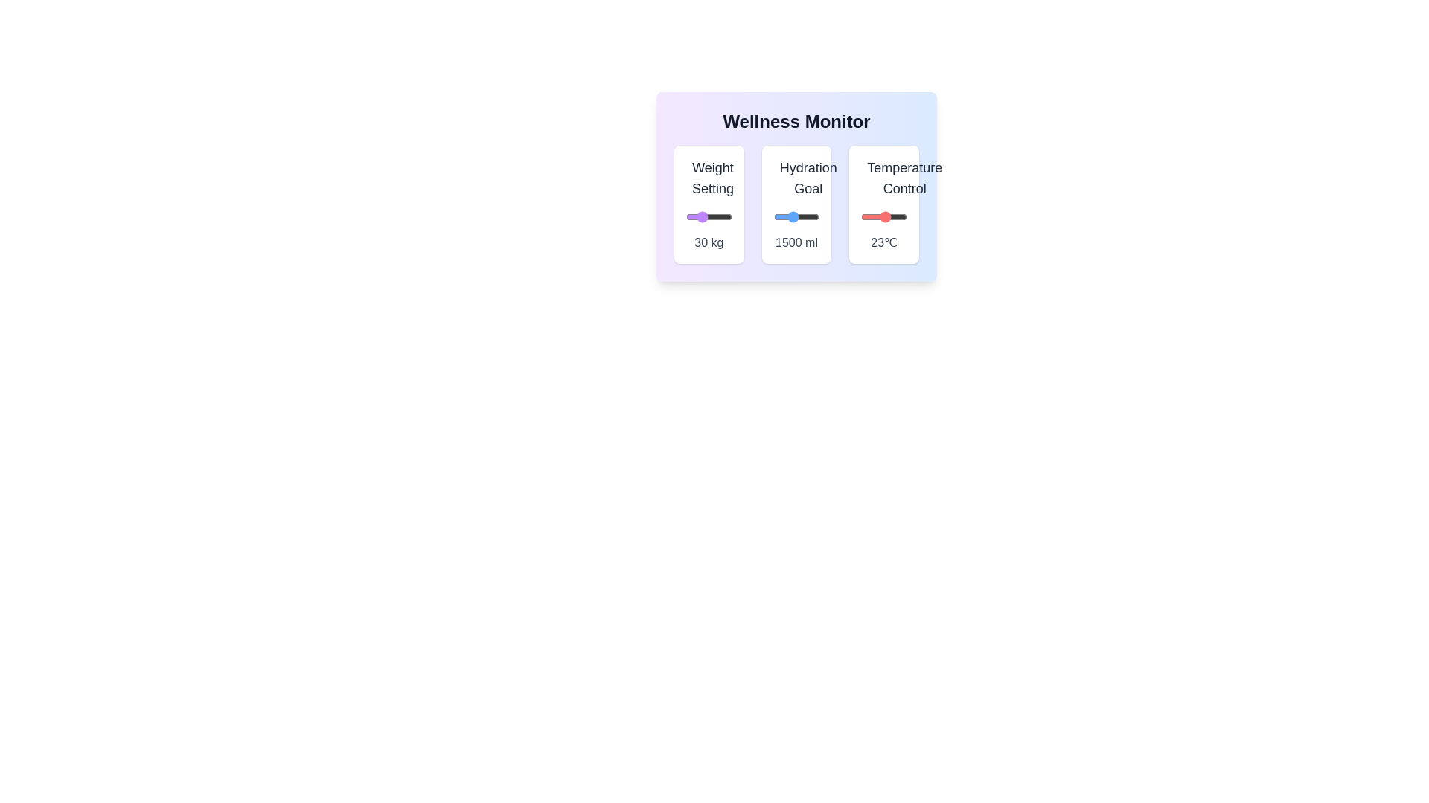 The height and width of the screenshot is (803, 1429). Describe the element at coordinates (790, 217) in the screenshot. I see `hydration goal` at that location.